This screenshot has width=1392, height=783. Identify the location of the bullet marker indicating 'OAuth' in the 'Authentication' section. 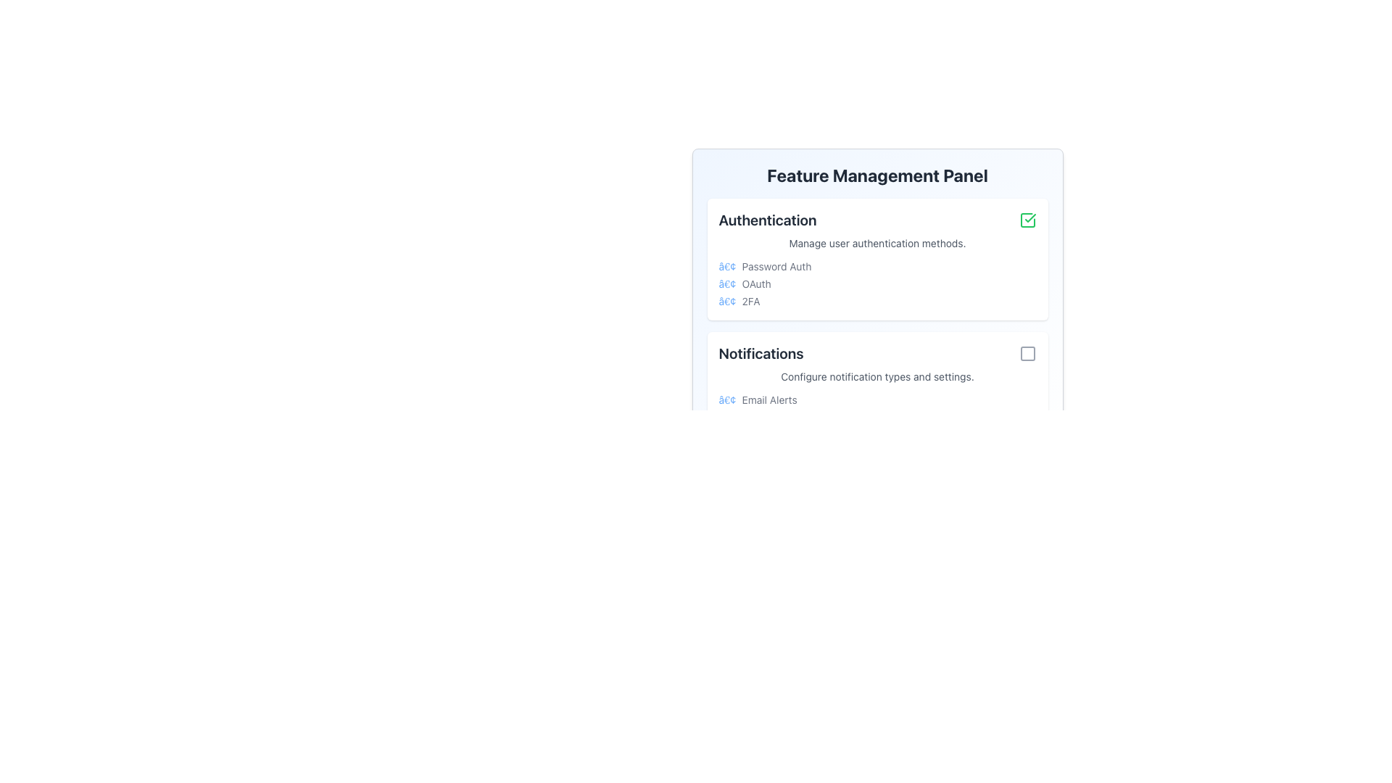
(727, 284).